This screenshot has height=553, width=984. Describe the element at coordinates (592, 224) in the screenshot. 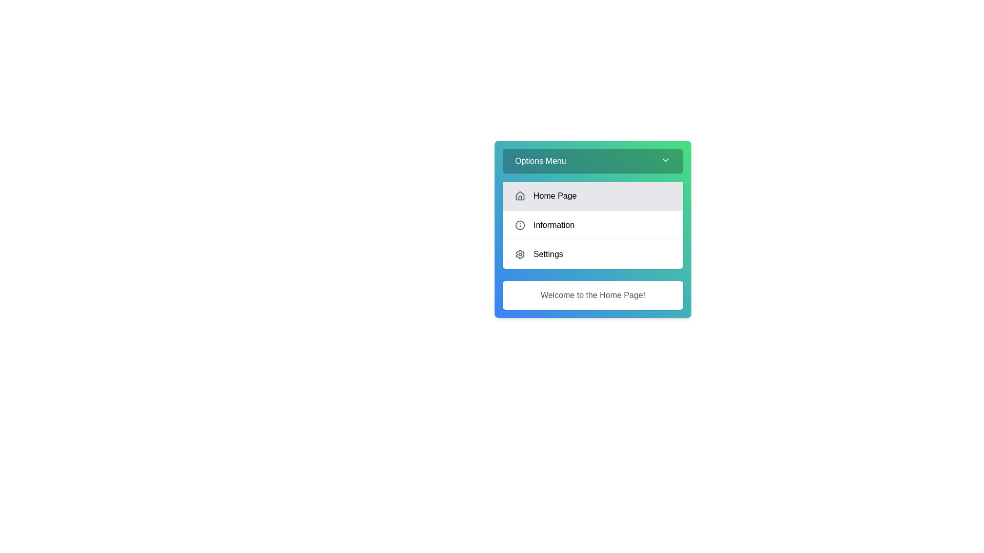

I see `a menu item from the vertical navigation menu located within the green and blue gradient box labeled 'Options Menu'` at that location.